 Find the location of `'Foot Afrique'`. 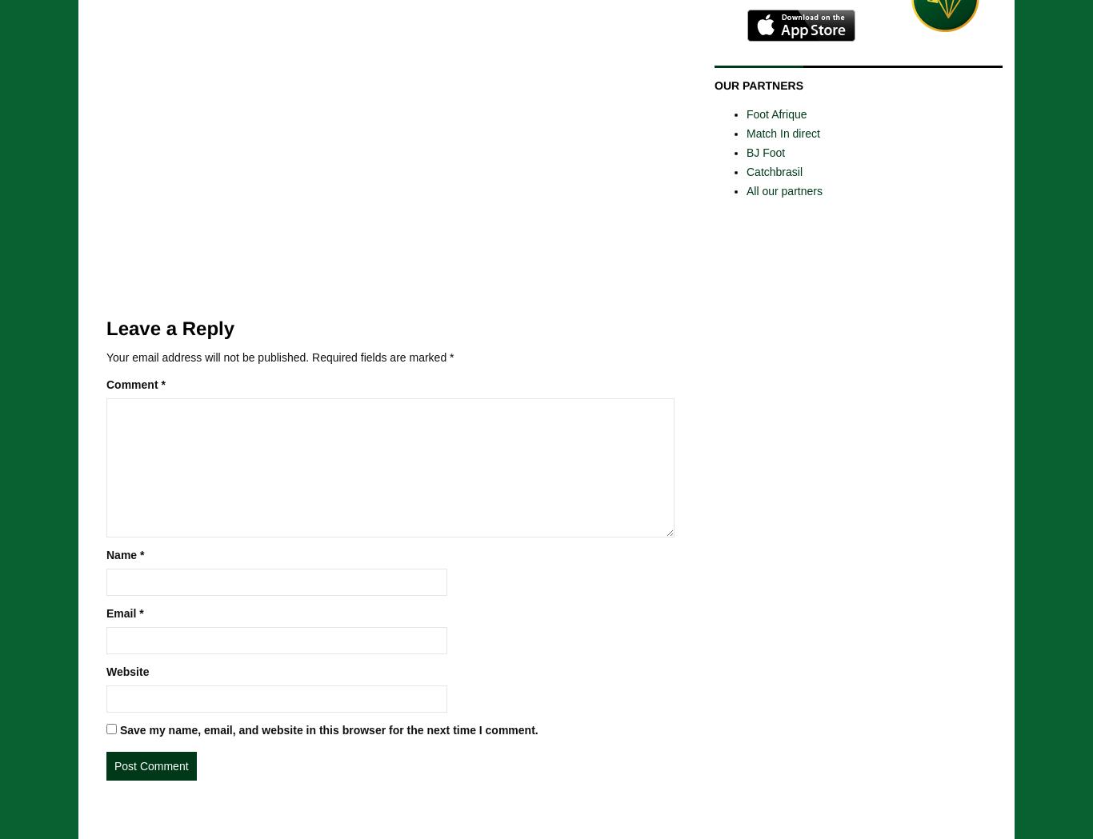

'Foot Afrique' is located at coordinates (746, 114).